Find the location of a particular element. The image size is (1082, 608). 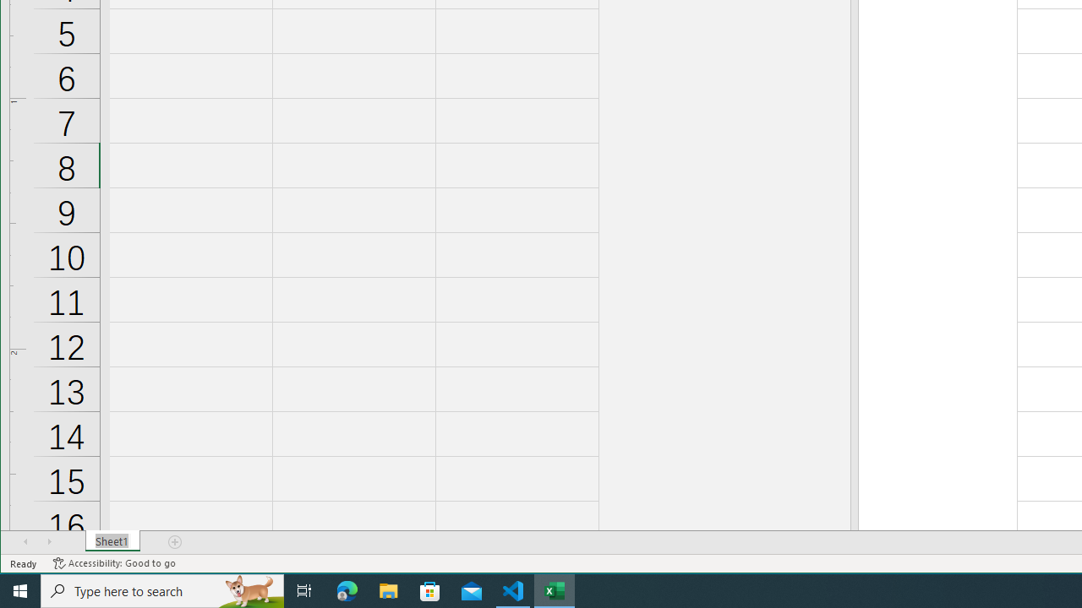

'Start' is located at coordinates (20, 589).